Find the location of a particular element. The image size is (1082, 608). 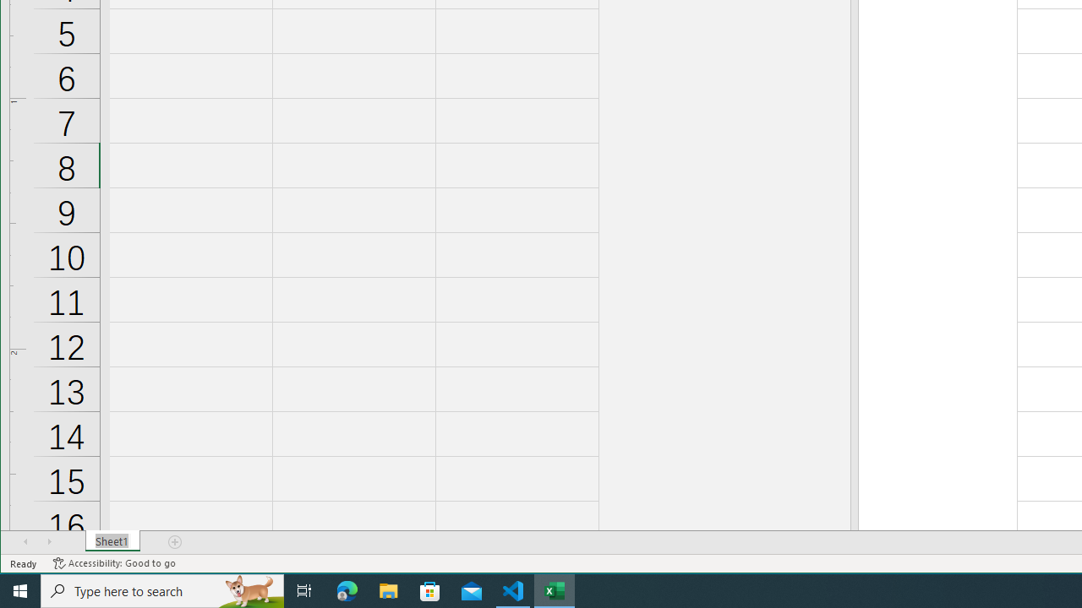

'Start' is located at coordinates (20, 589).